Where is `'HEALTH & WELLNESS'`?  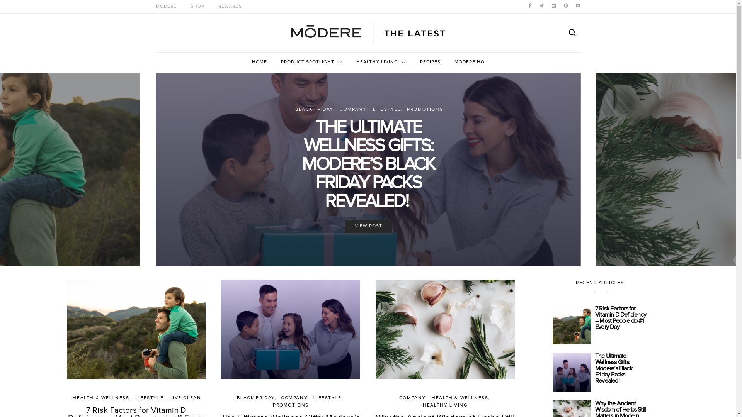 'HEALTH & WELLNESS' is located at coordinates (100, 398).